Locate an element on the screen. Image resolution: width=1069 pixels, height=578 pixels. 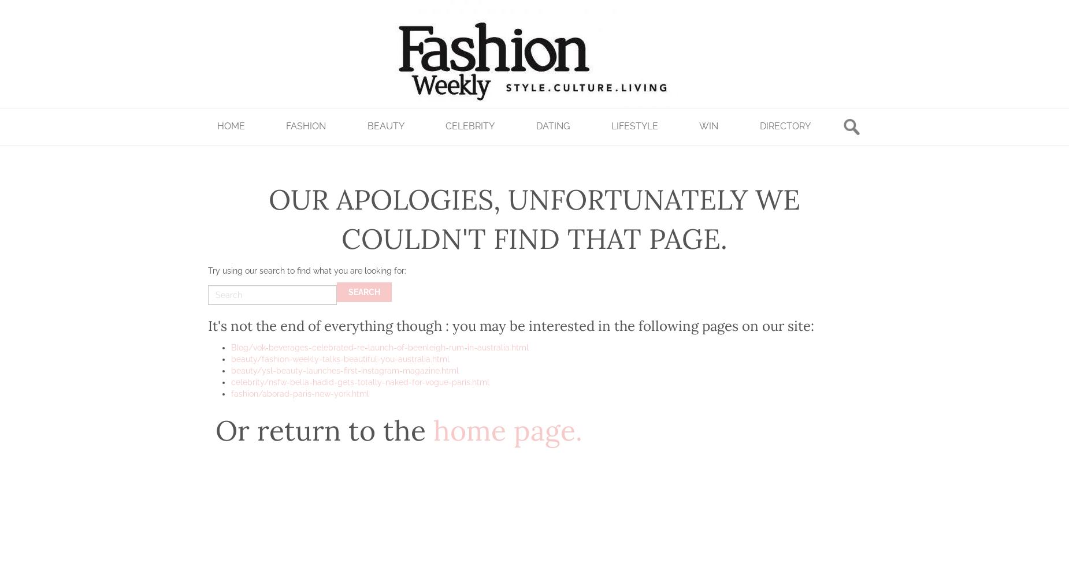
'Directory' is located at coordinates (784, 125).